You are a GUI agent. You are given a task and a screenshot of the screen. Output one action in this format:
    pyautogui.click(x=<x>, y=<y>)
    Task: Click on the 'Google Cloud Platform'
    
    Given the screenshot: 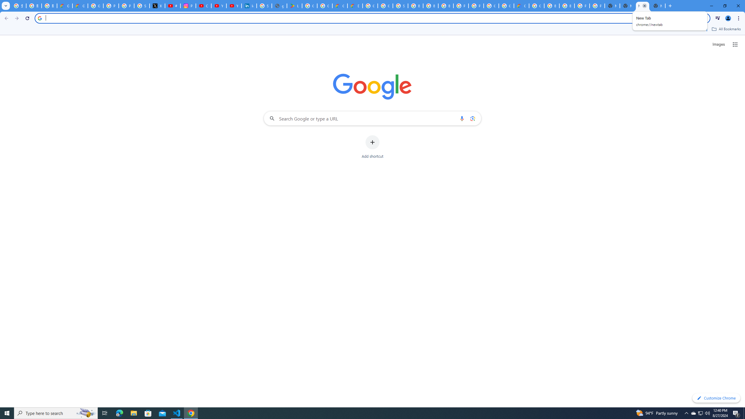 What is the action you would take?
    pyautogui.click(x=491, y=6)
    